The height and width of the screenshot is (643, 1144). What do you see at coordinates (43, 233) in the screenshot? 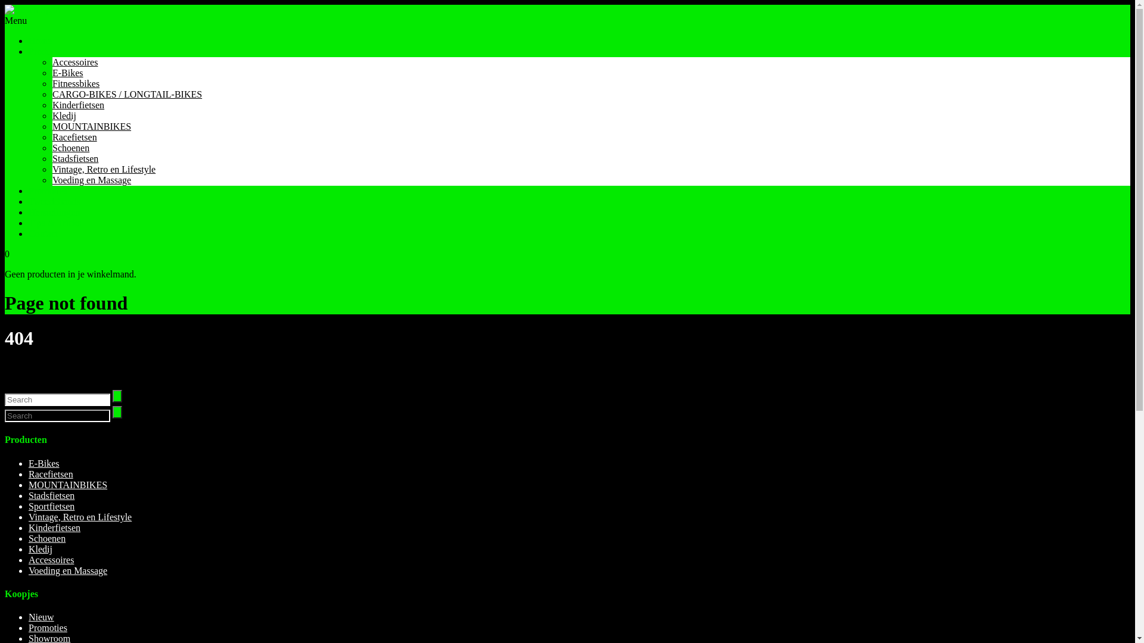
I see `'Contact'` at bounding box center [43, 233].